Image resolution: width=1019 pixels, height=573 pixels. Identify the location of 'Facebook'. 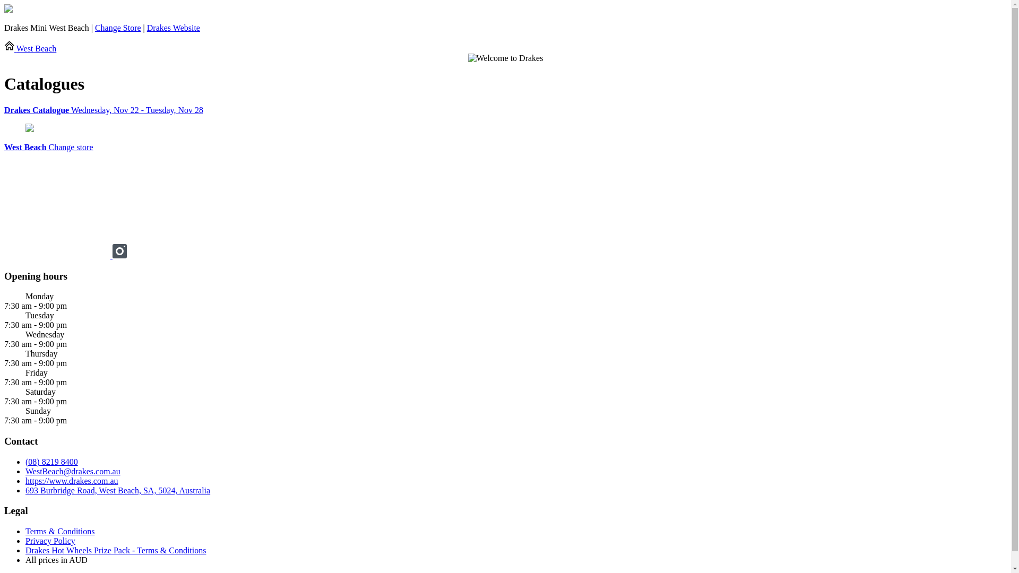
(4, 255).